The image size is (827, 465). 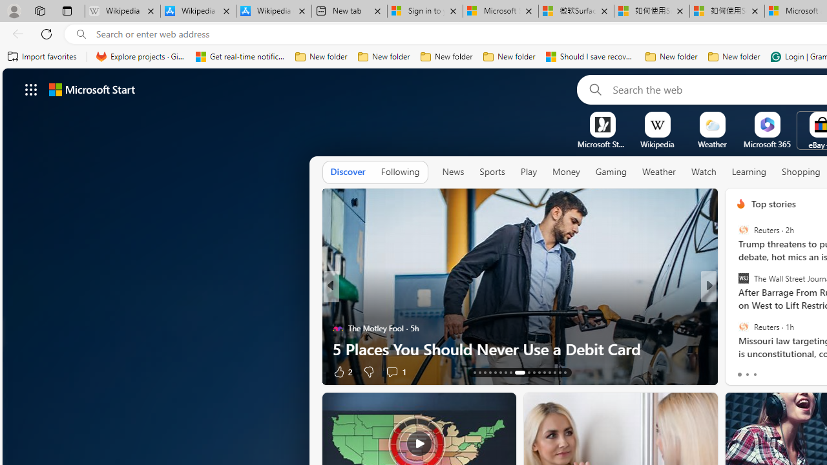 I want to click on 'Gaming', so click(x=610, y=172).